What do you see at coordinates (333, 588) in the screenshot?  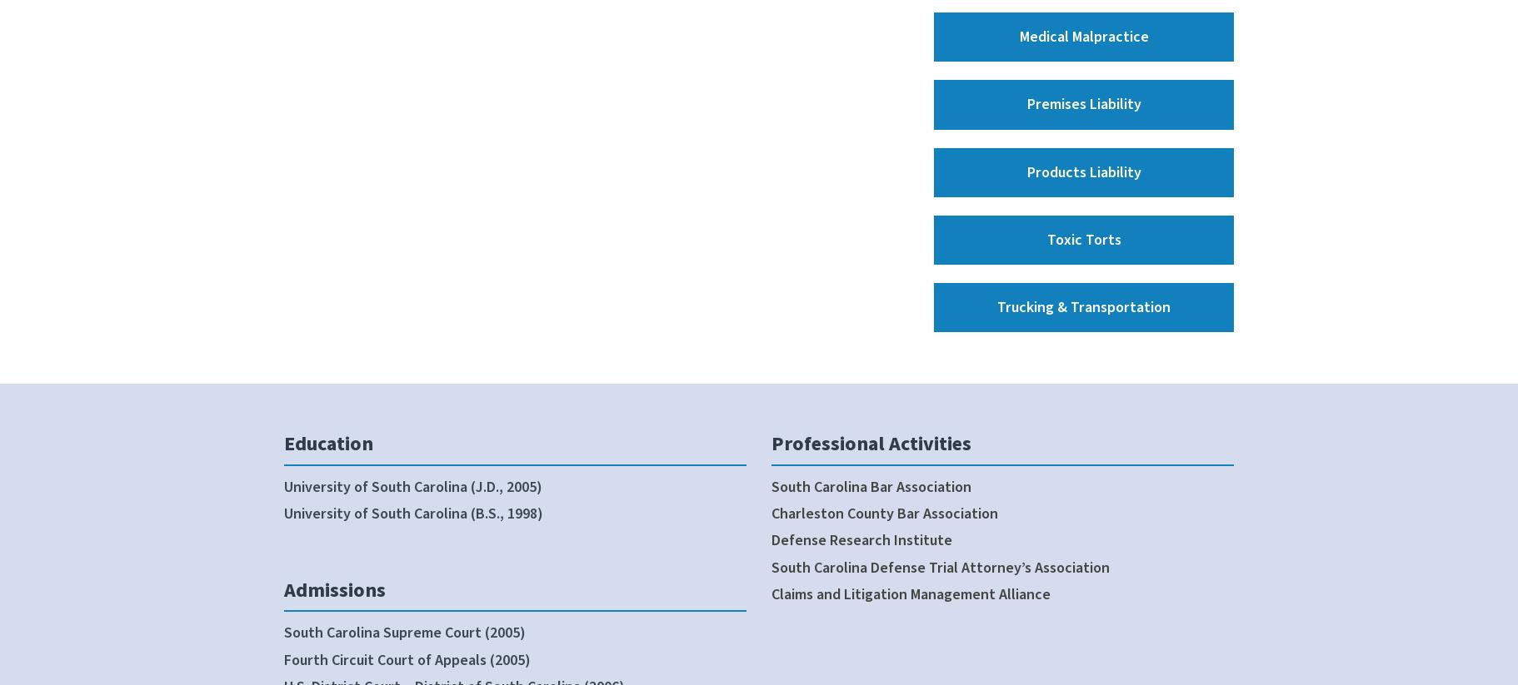 I see `'Admissions'` at bounding box center [333, 588].